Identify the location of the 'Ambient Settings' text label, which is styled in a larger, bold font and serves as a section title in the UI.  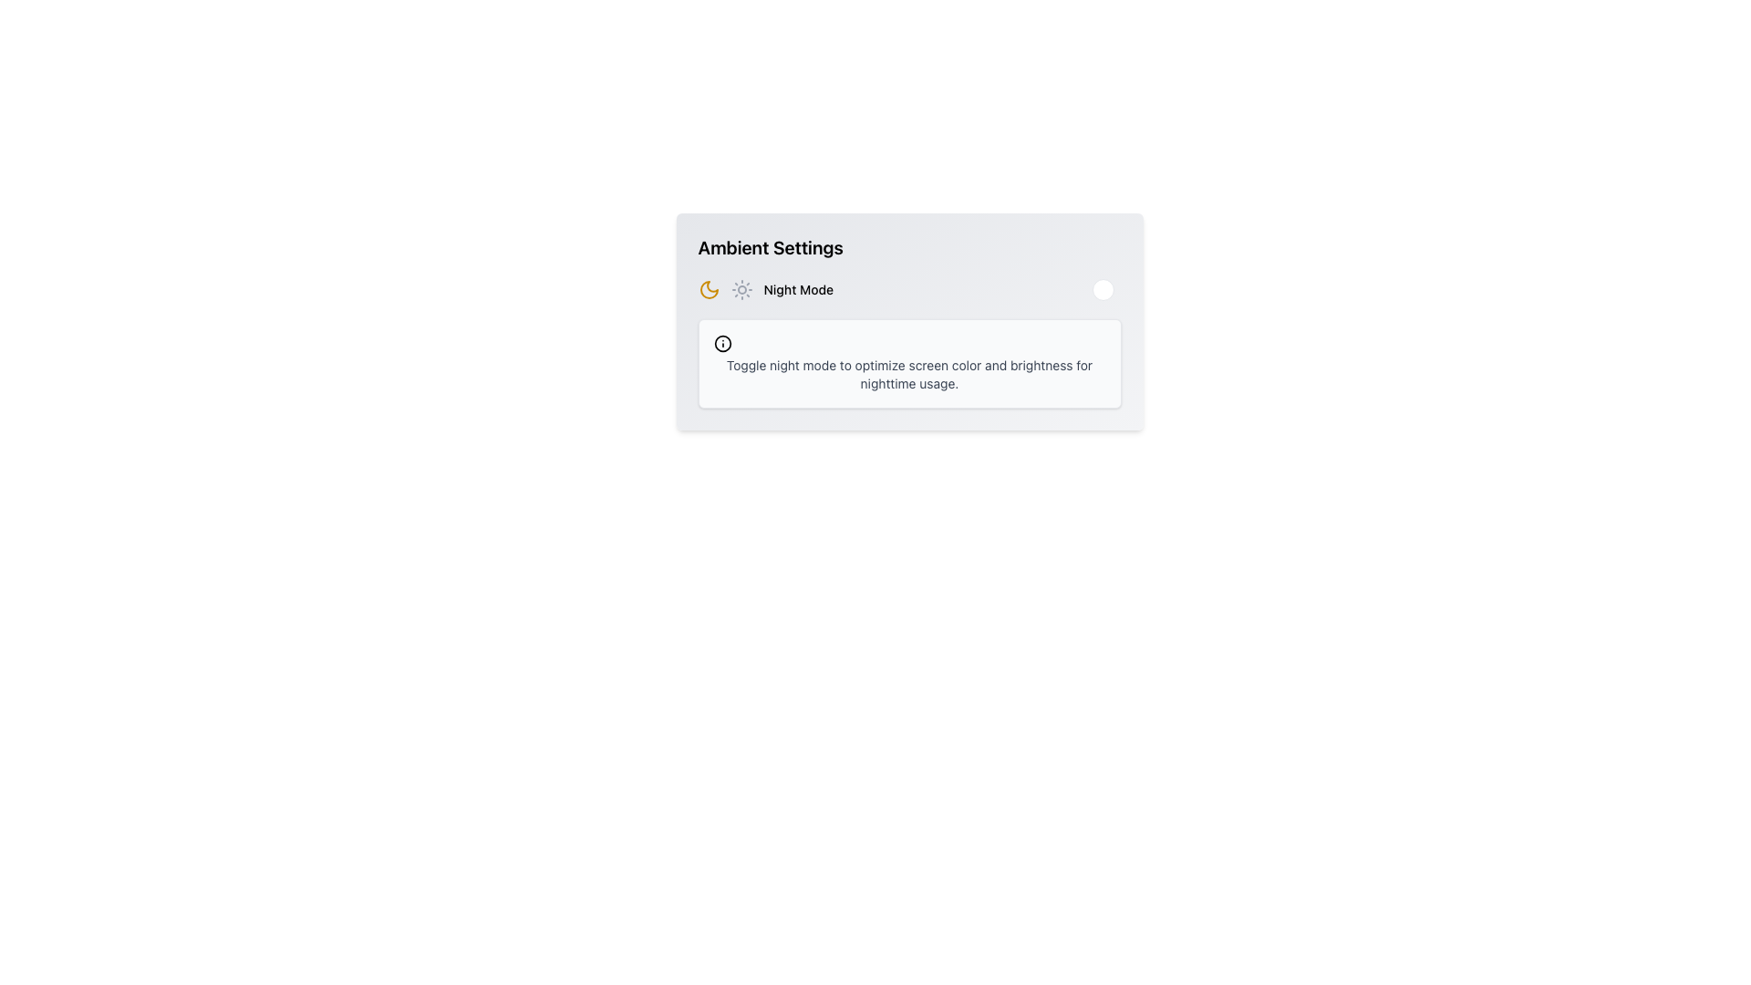
(771, 248).